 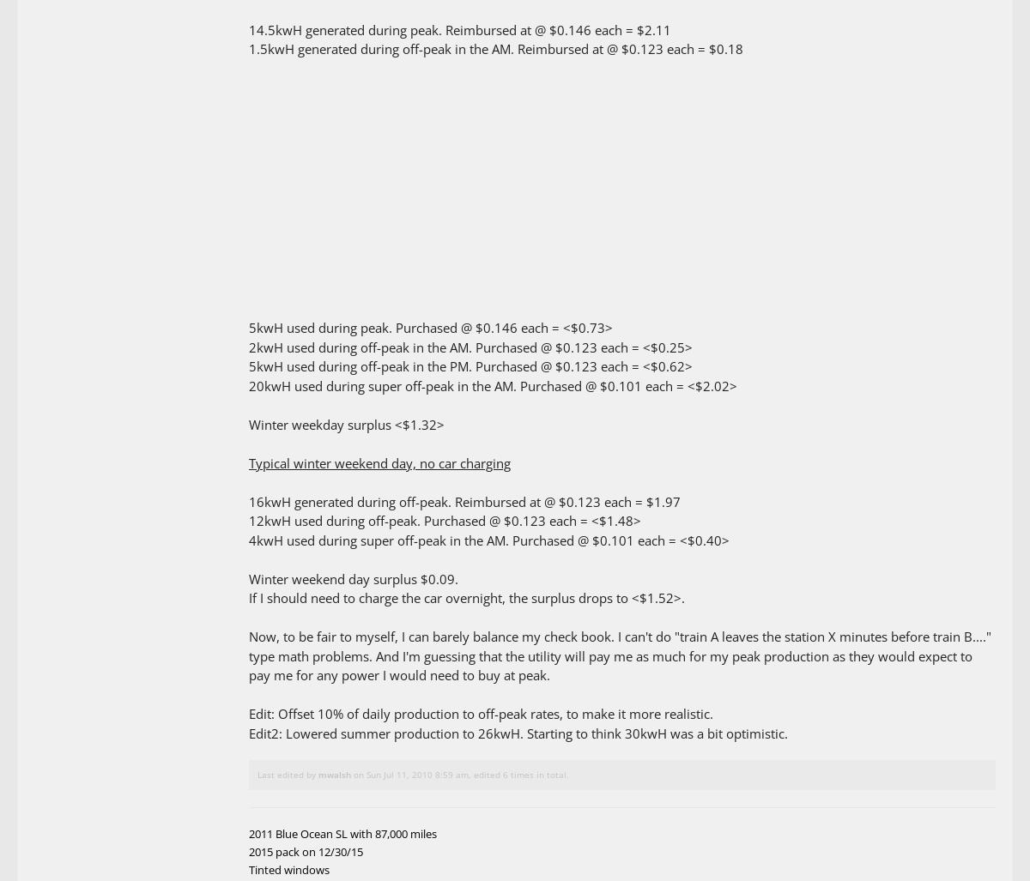 What do you see at coordinates (248, 832) in the screenshot?
I see `'2011 Blue Ocean SL with 87,000 miles'` at bounding box center [248, 832].